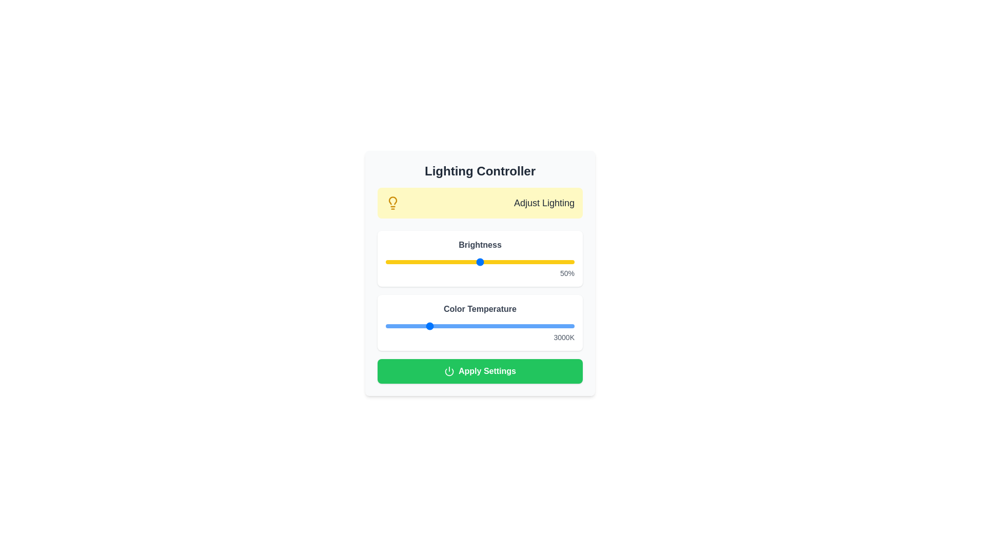 This screenshot has height=554, width=985. Describe the element at coordinates (506, 326) in the screenshot. I see `the color temperature slider to 6763 K` at that location.